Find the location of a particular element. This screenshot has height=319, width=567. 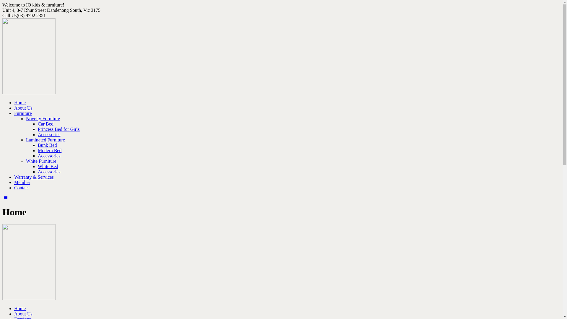

'Contact' is located at coordinates (21, 188).